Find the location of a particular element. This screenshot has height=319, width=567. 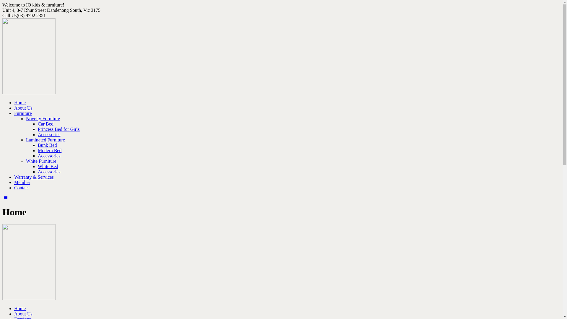

'Contact' is located at coordinates (21, 188).